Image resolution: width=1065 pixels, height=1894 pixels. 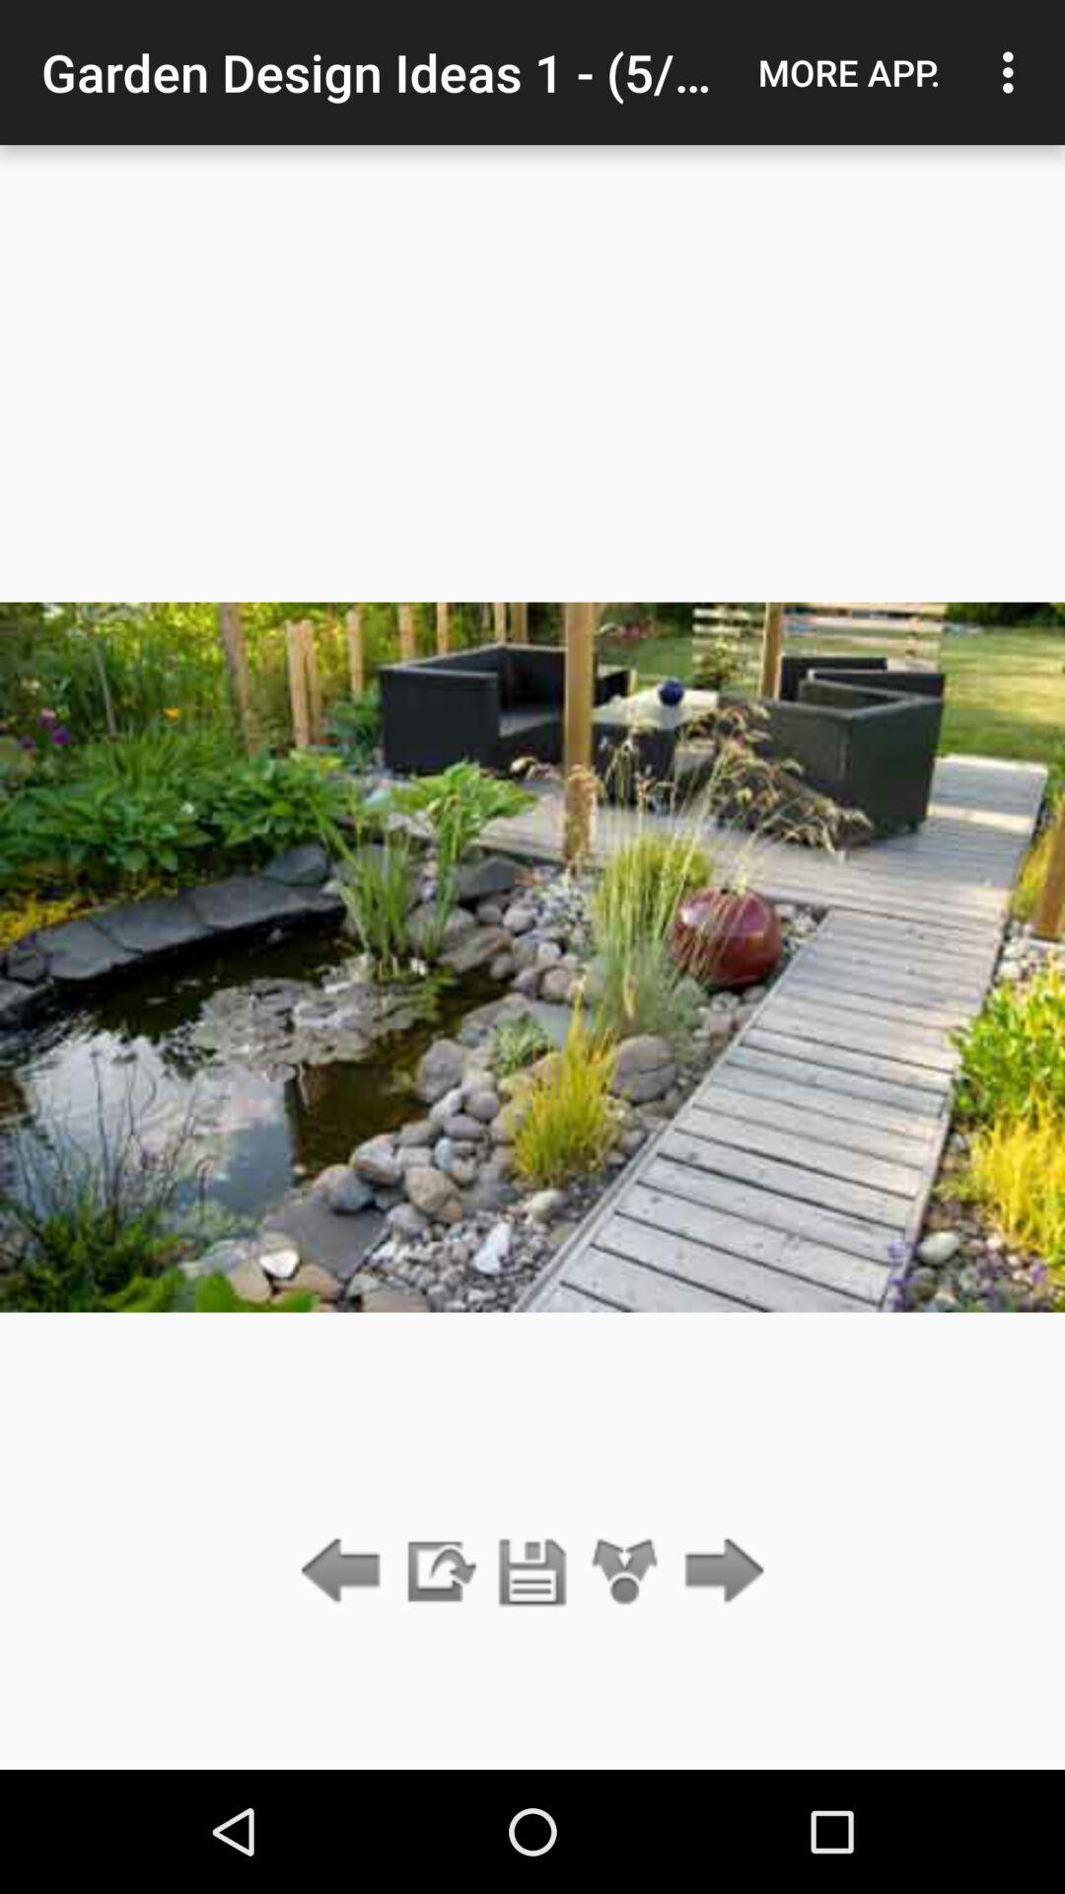 What do you see at coordinates (719, 1571) in the screenshot?
I see `for next` at bounding box center [719, 1571].